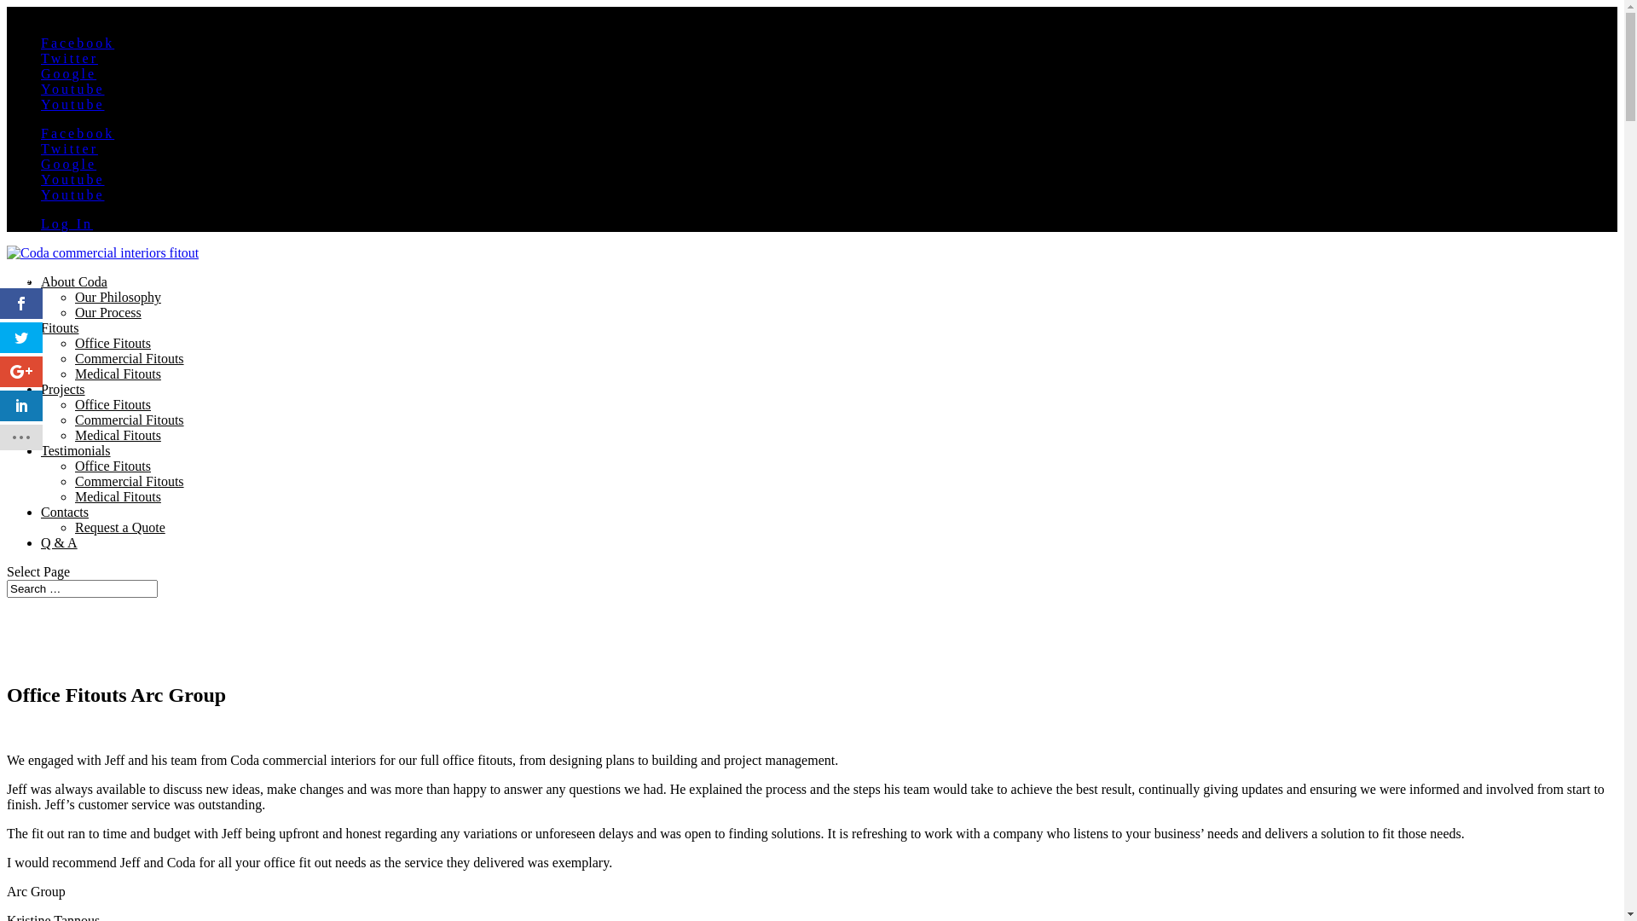 This screenshot has height=921, width=1637. What do you see at coordinates (60, 327) in the screenshot?
I see `'Fitouts'` at bounding box center [60, 327].